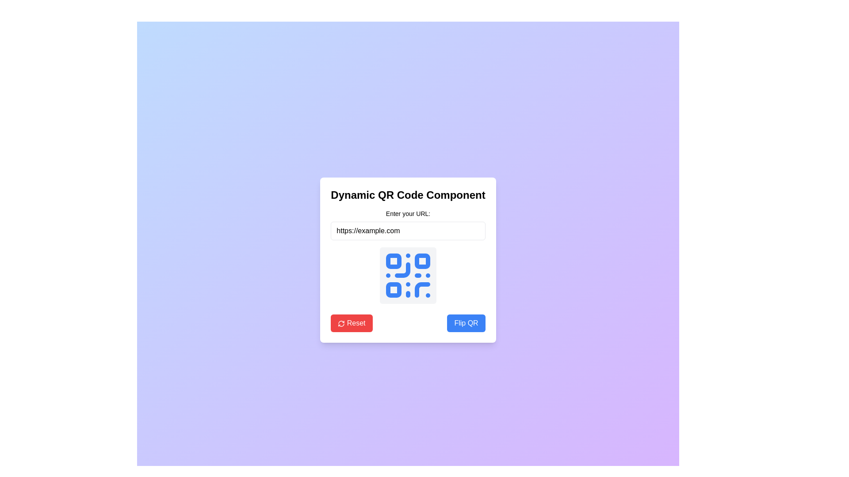 This screenshot has width=849, height=477. What do you see at coordinates (407, 213) in the screenshot?
I see `the label that provides descriptive context for the input field underneath it, which is positioned directly above the text input field` at bounding box center [407, 213].